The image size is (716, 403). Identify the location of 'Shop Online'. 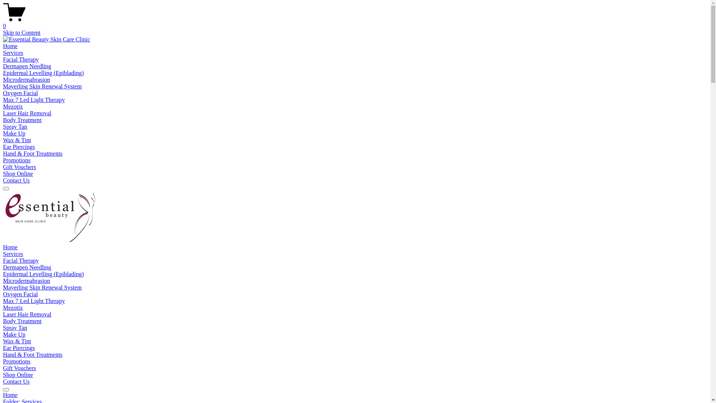
(18, 174).